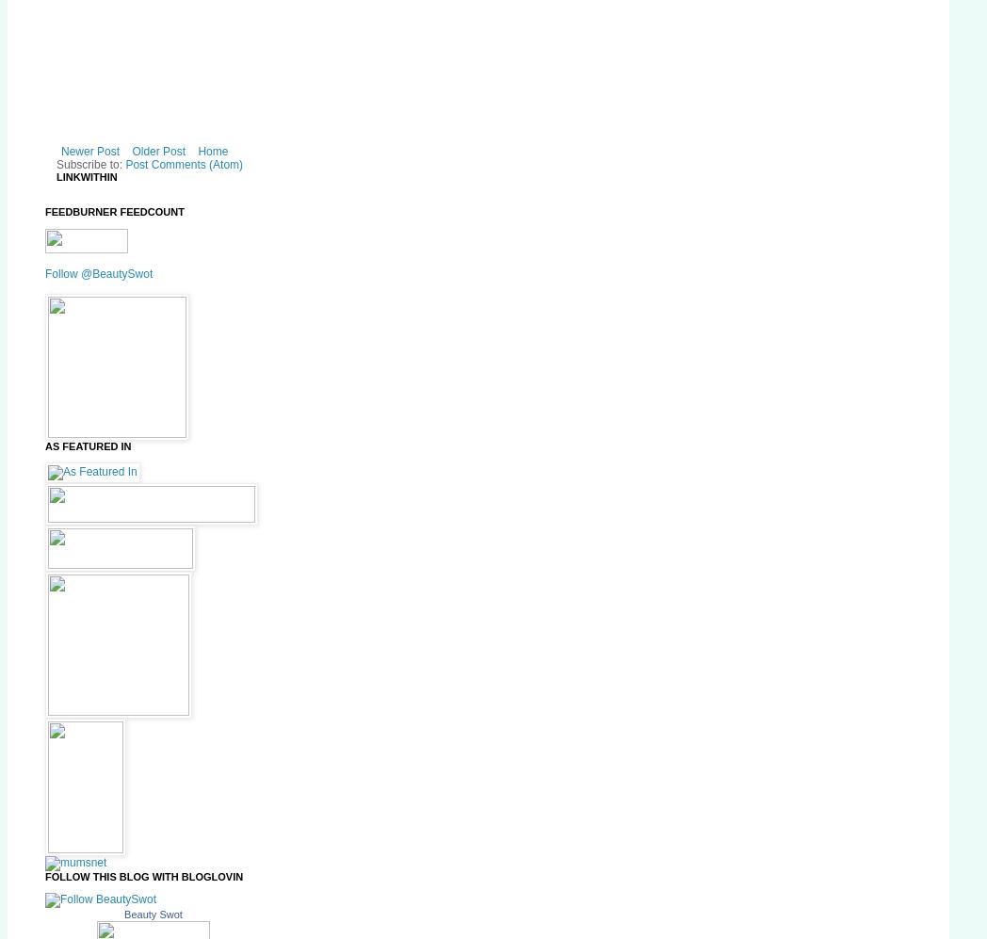  What do you see at coordinates (89, 151) in the screenshot?
I see `'Newer Post'` at bounding box center [89, 151].